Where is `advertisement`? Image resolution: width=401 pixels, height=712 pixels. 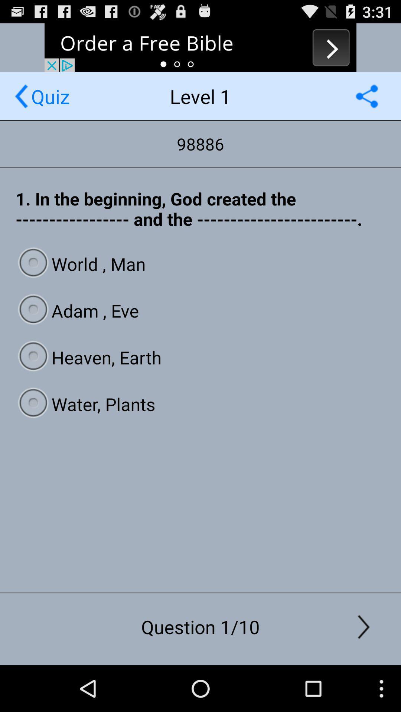 advertisement is located at coordinates (200, 47).